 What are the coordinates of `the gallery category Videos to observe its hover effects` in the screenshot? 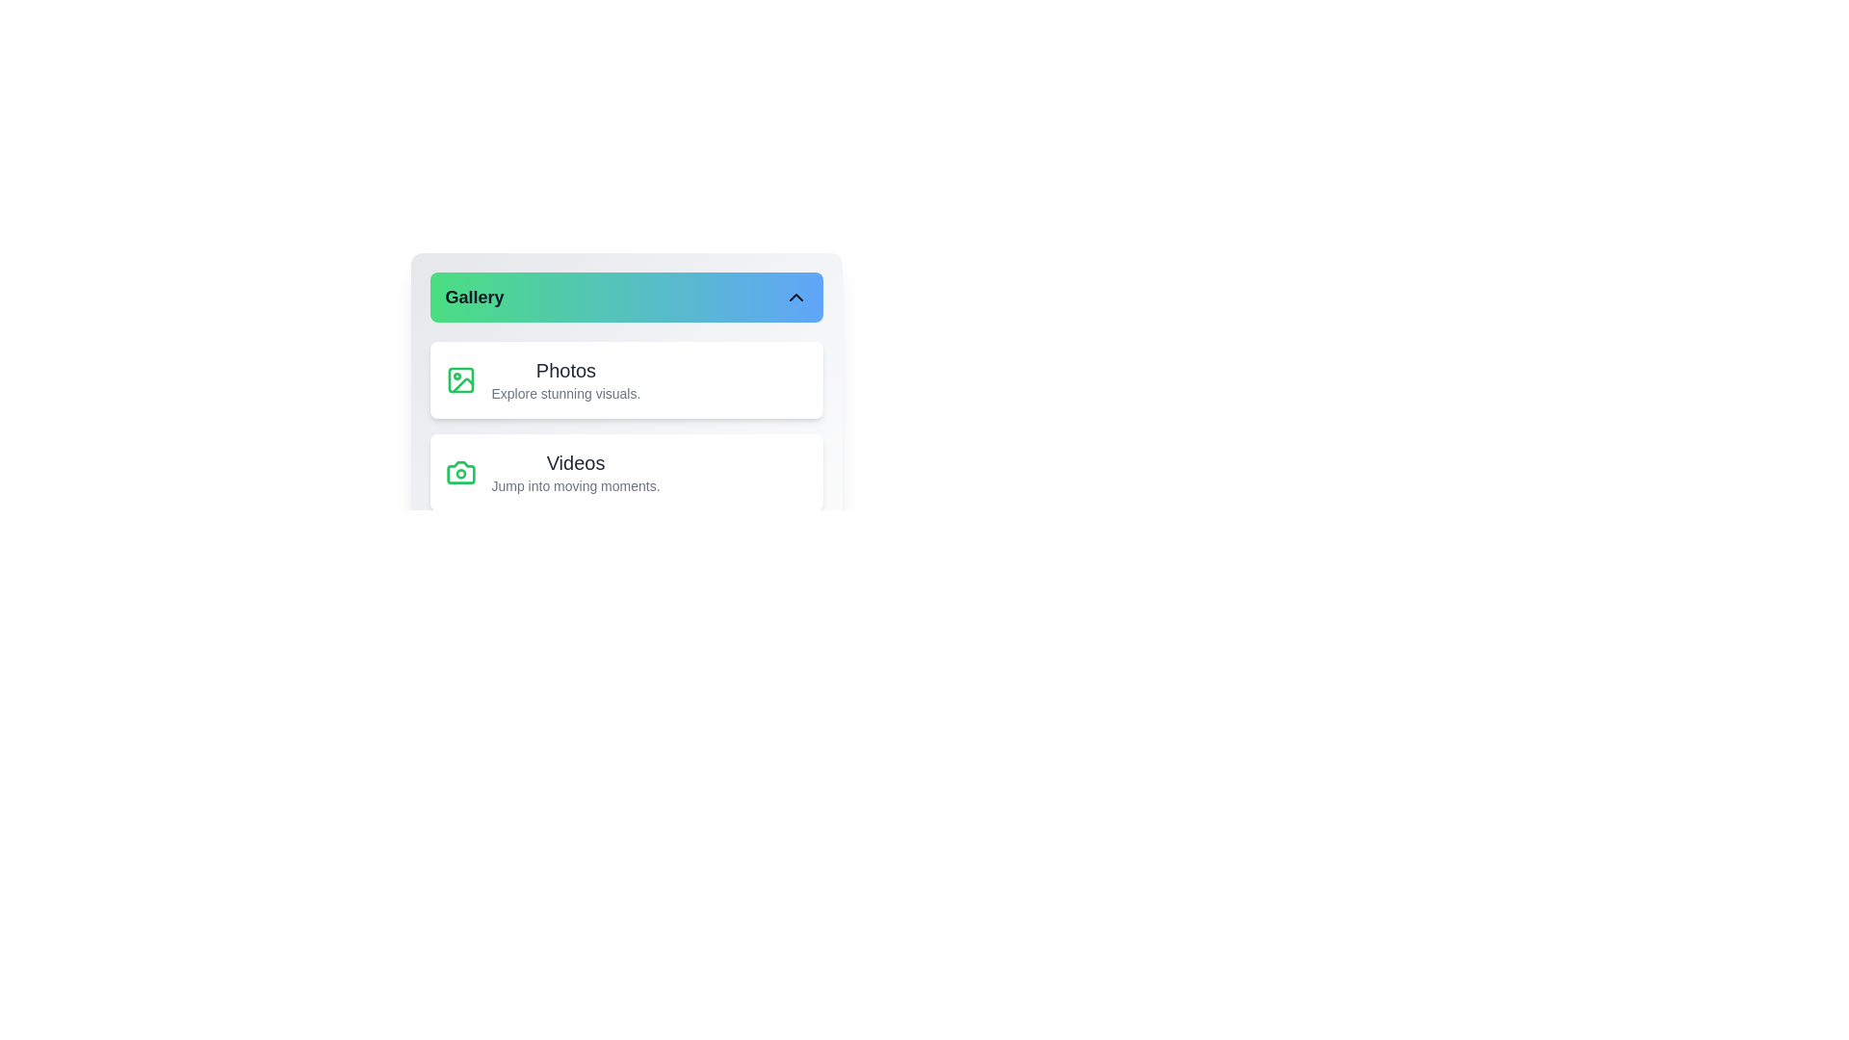 It's located at (626, 472).